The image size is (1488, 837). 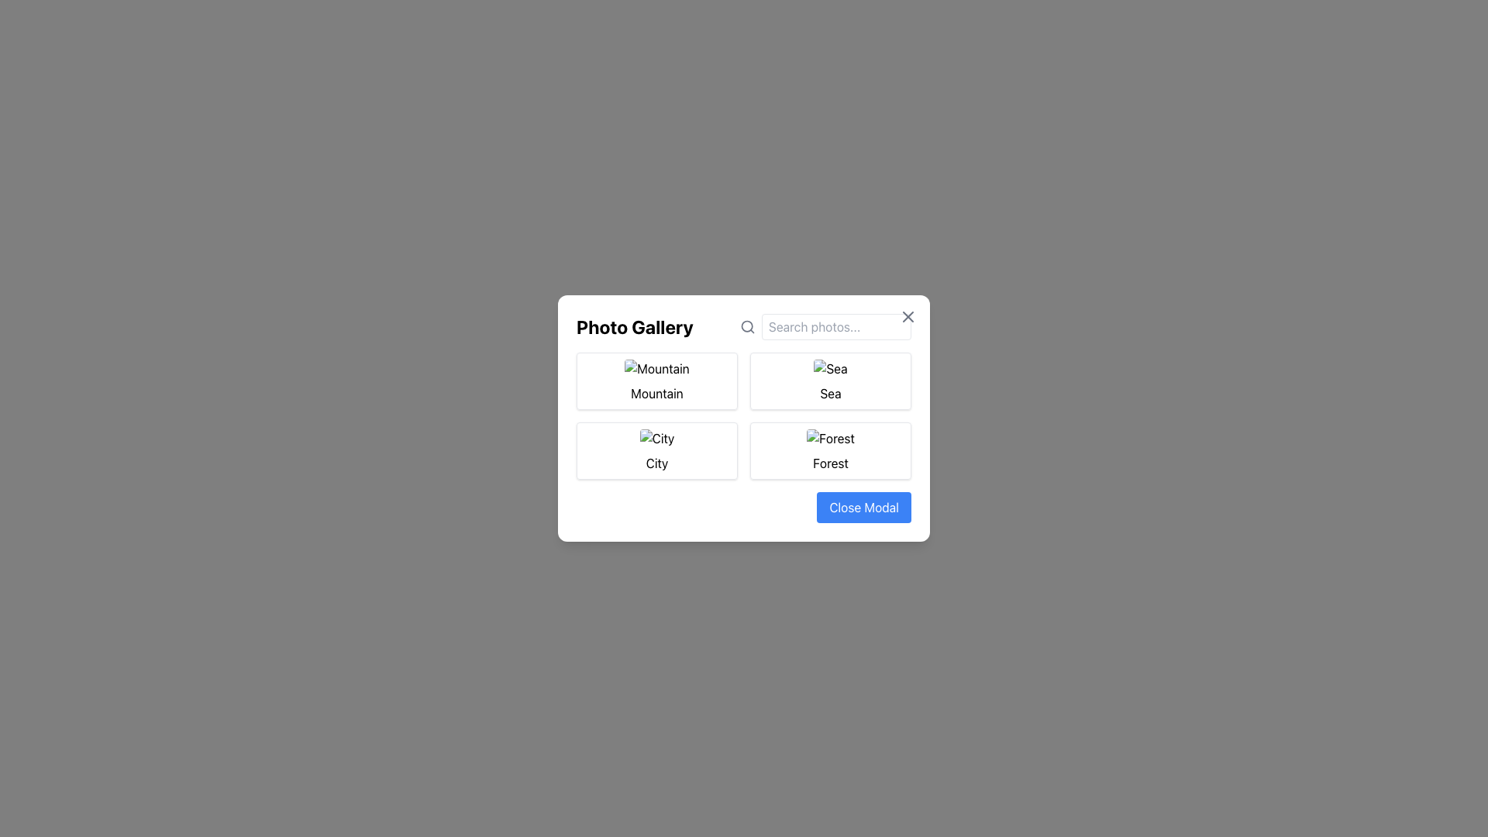 What do you see at coordinates (829, 451) in the screenshot?
I see `the 'Forest' selection card located in the bottom-right corner of the modal dialog` at bounding box center [829, 451].